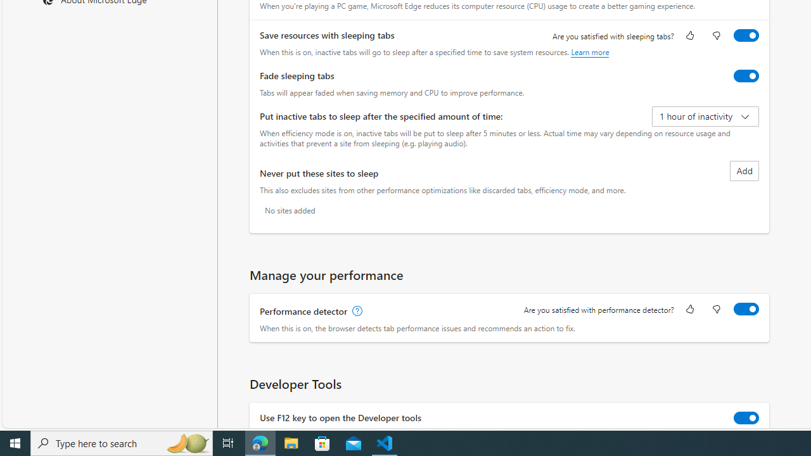 This screenshot has width=811, height=456. I want to click on 'Performance detector, learn more', so click(355, 312).